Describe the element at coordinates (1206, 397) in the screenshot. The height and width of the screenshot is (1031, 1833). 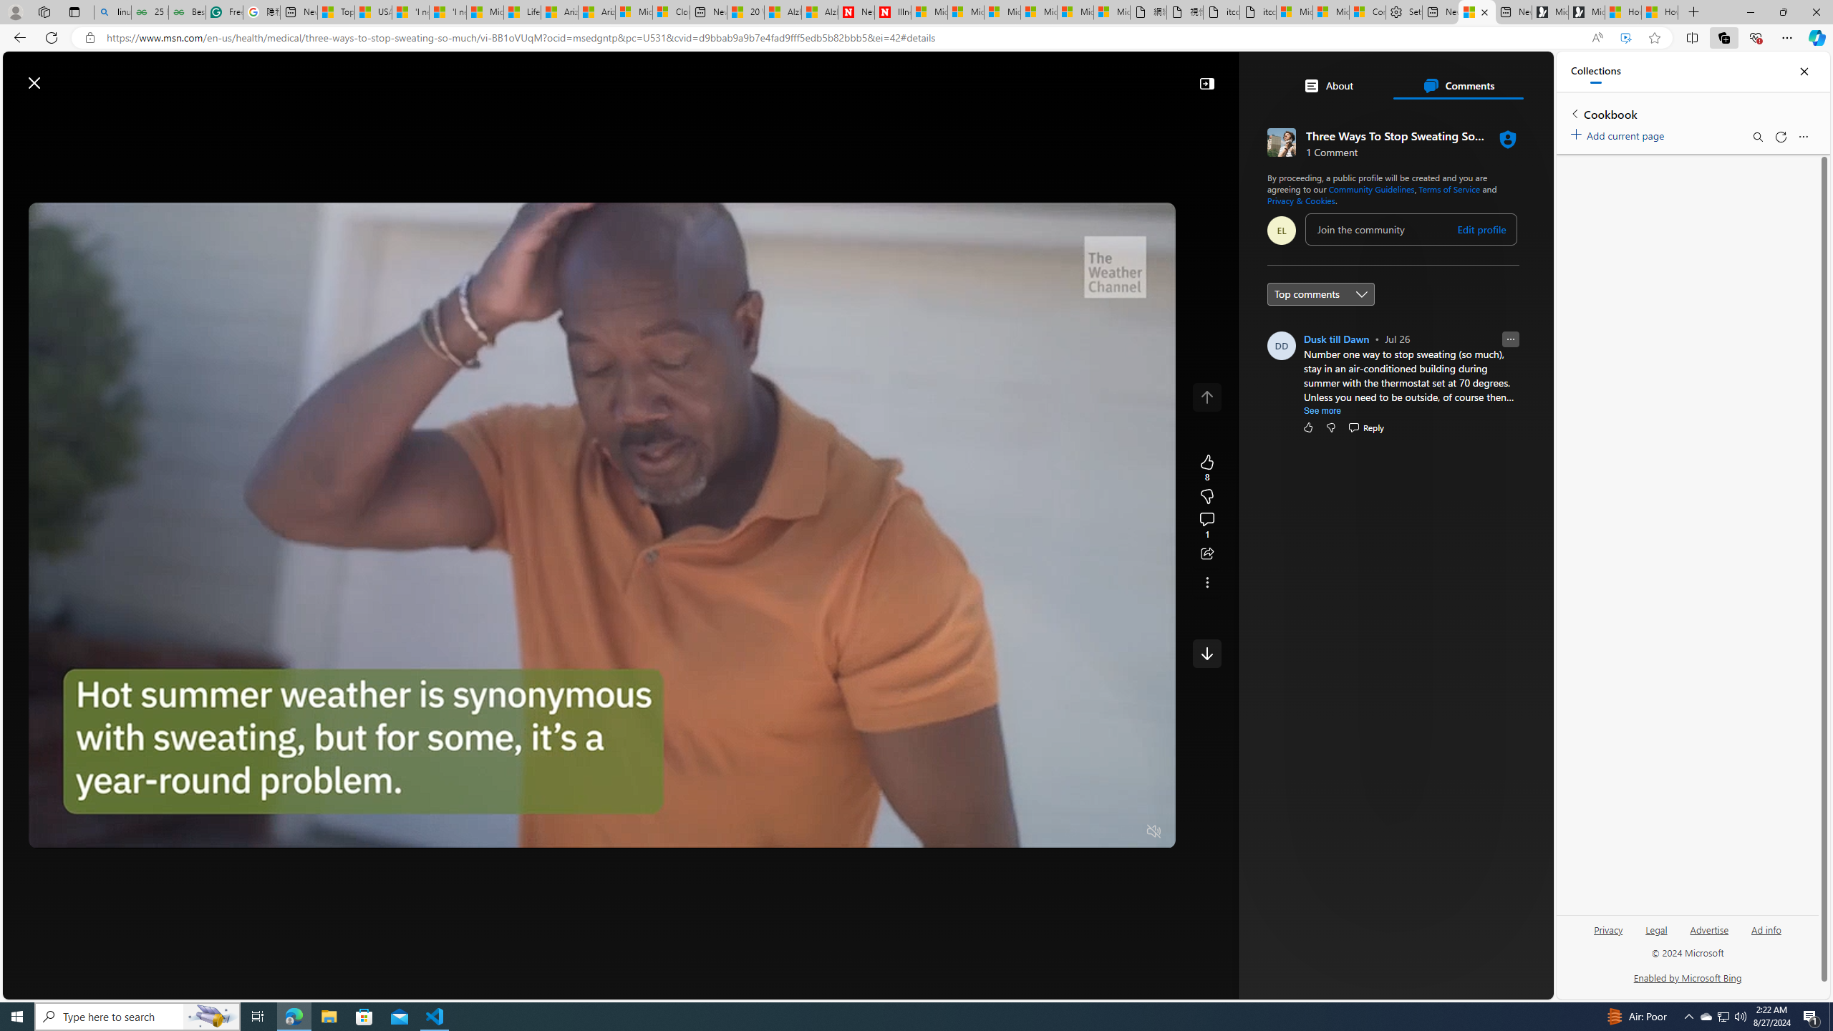
I see `'Class: control icon-only'` at that location.